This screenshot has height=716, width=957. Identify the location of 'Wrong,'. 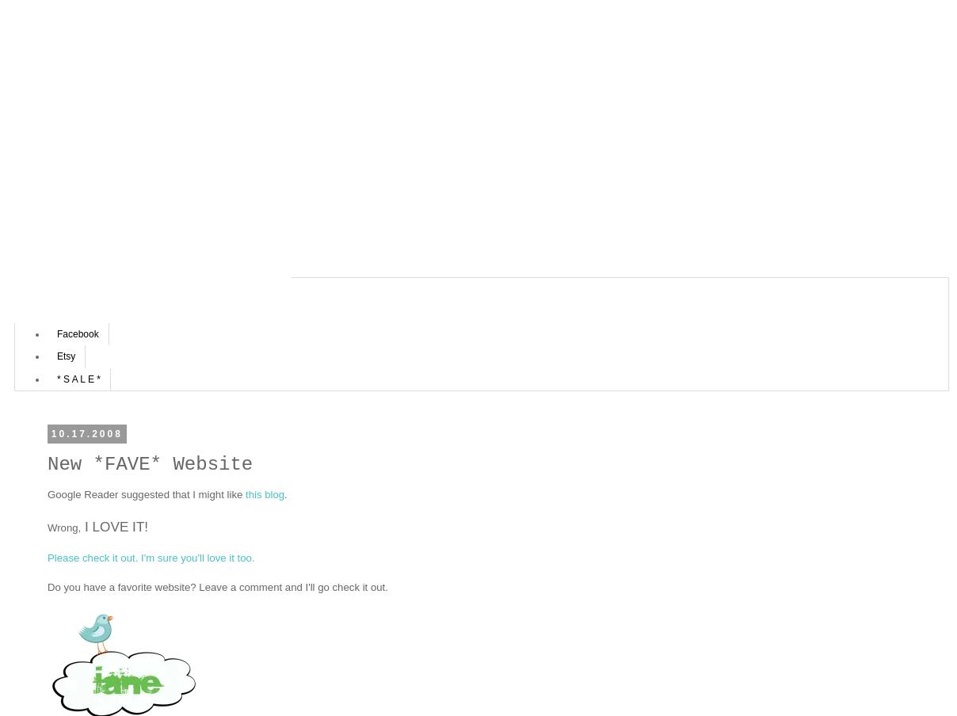
(63, 527).